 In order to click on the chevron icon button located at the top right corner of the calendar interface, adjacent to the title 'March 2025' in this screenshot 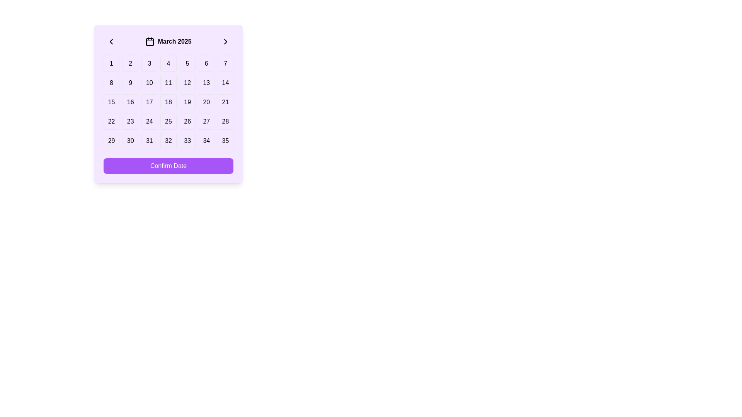, I will do `click(225, 42)`.